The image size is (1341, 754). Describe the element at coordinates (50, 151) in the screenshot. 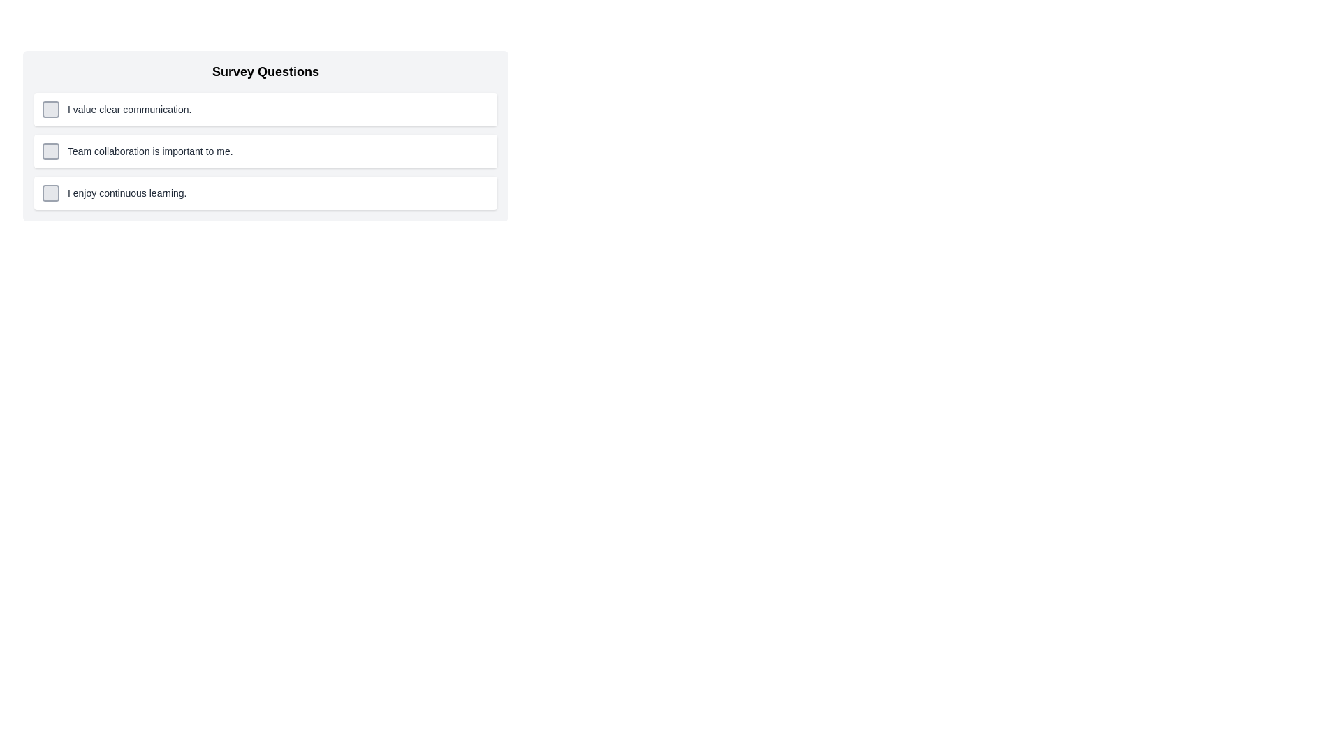

I see `the small square checkbox with rounded corners, located to the left of the text 'Team collaboration is important to me.'` at that location.